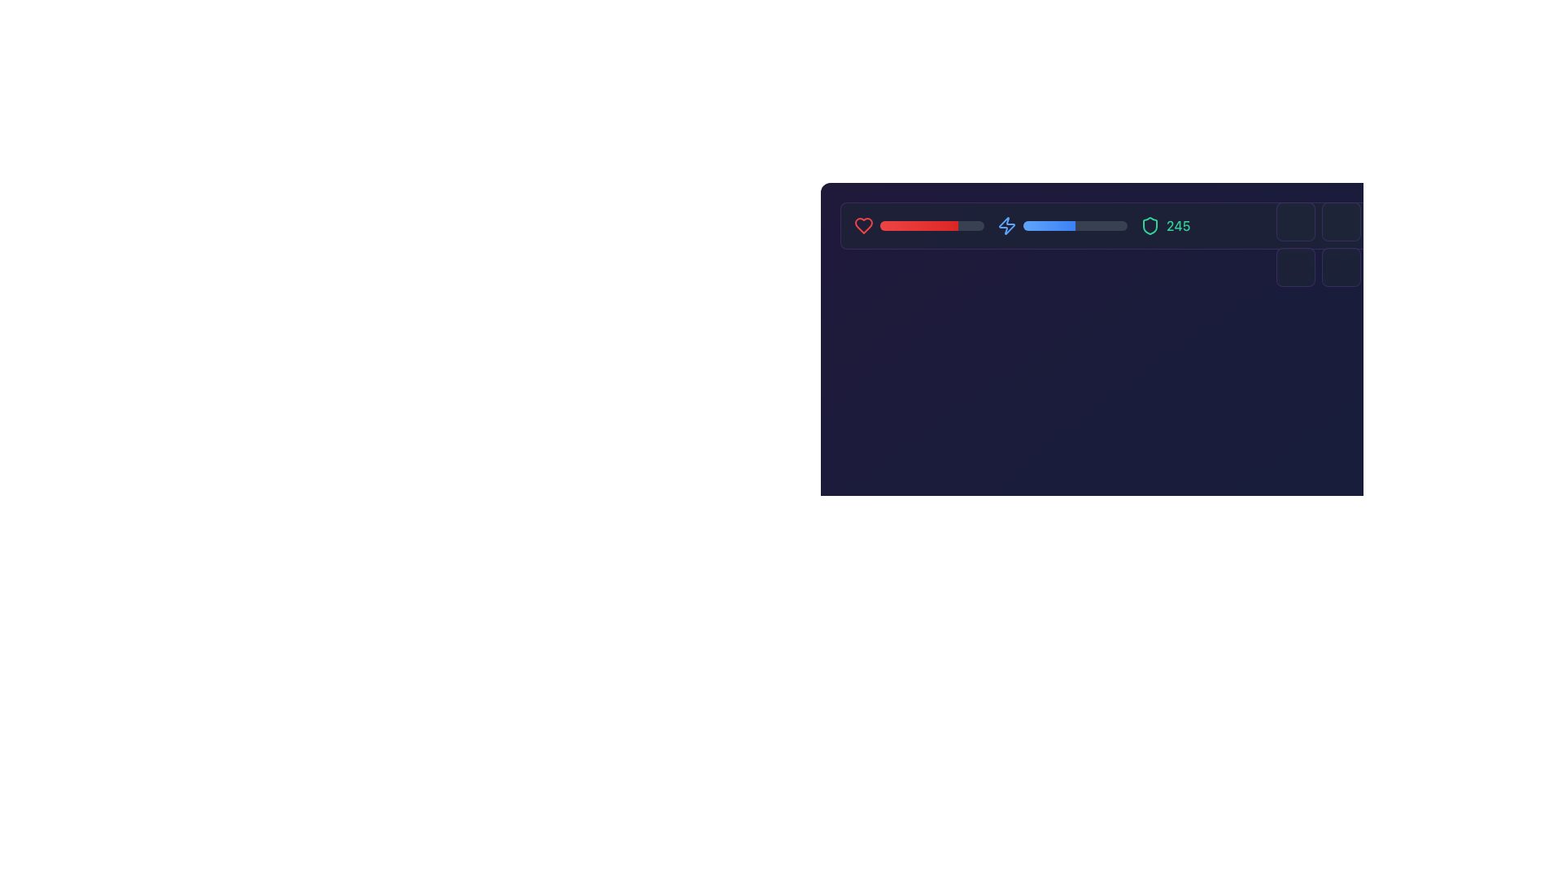  What do you see at coordinates (862, 225) in the screenshot?
I see `the heart icon located at the far left of the top-right corner grouping` at bounding box center [862, 225].